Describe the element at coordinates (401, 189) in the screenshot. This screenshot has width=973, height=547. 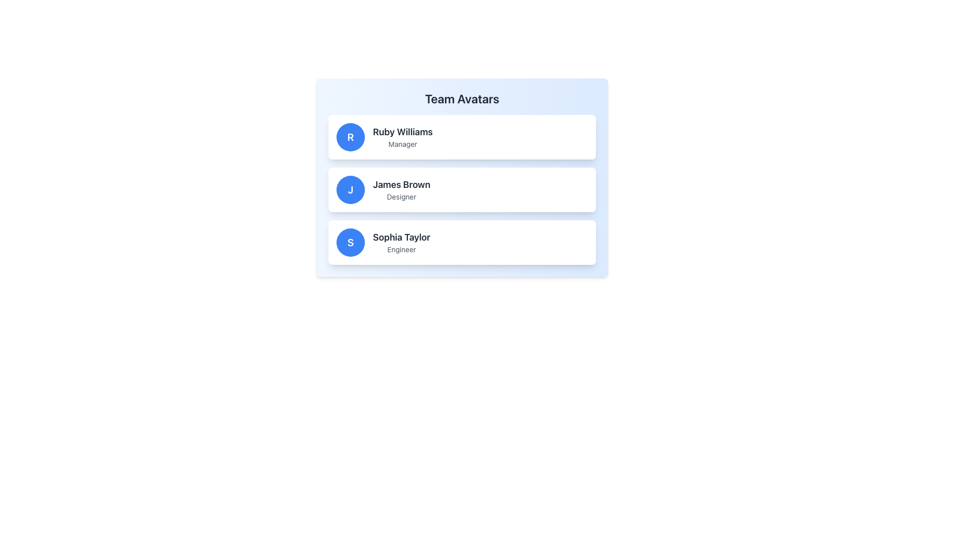
I see `the text block containing the name 'James Brown' styled in bold, located in the second row of items and to the right of the circular blue icon with the letter 'J'` at that location.